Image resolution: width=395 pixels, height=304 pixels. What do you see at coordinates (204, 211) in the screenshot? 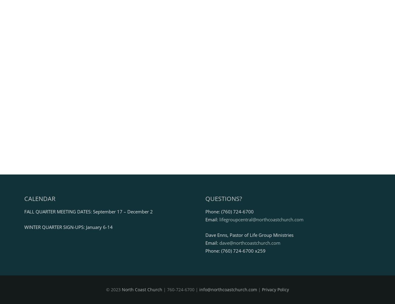
I see `'Phone: (760) 724-6700'` at bounding box center [204, 211].